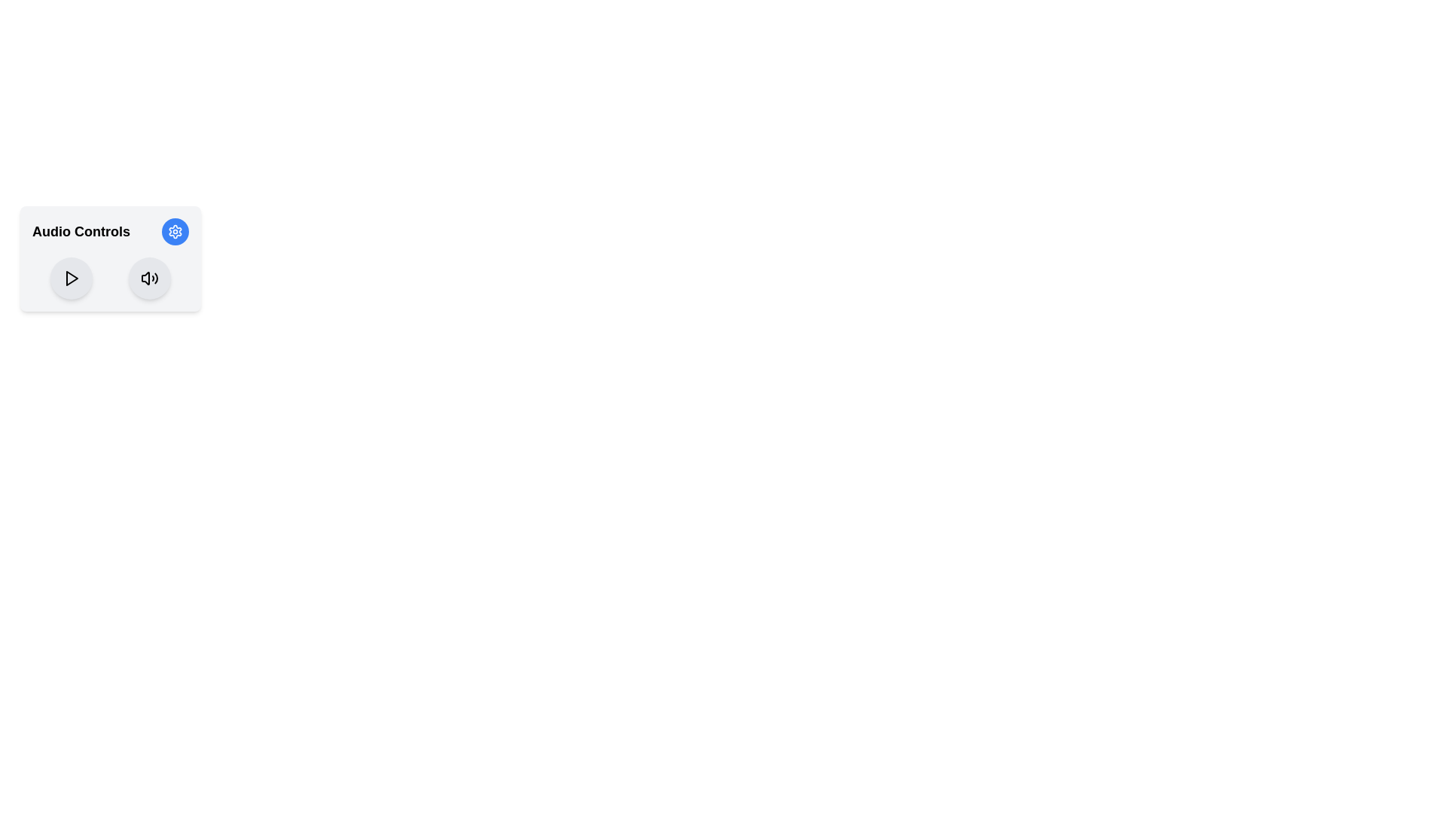  Describe the element at coordinates (175, 232) in the screenshot. I see `the settings icon button located at the top-right corner of the 'Audio Controls' section` at that location.